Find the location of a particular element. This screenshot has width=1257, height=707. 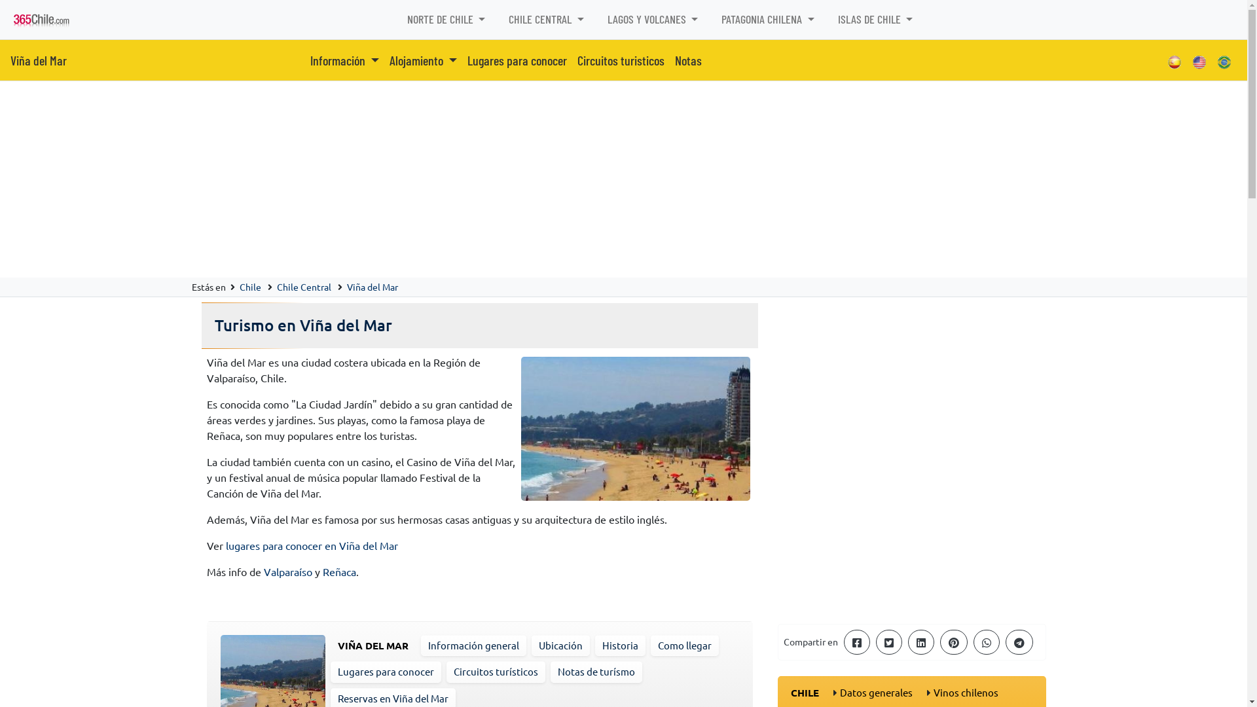

'Como llegar' is located at coordinates (683, 644).